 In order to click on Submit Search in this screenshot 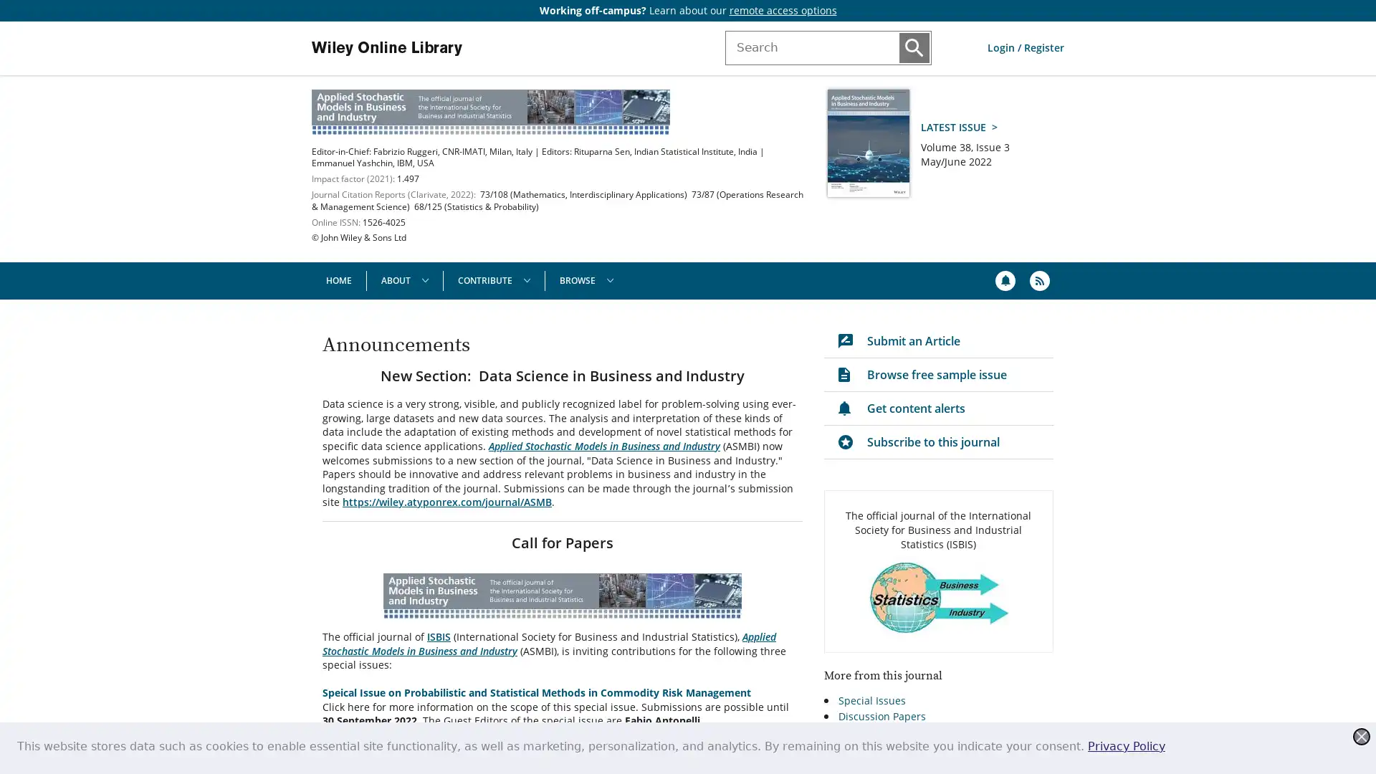, I will do `click(914, 47)`.